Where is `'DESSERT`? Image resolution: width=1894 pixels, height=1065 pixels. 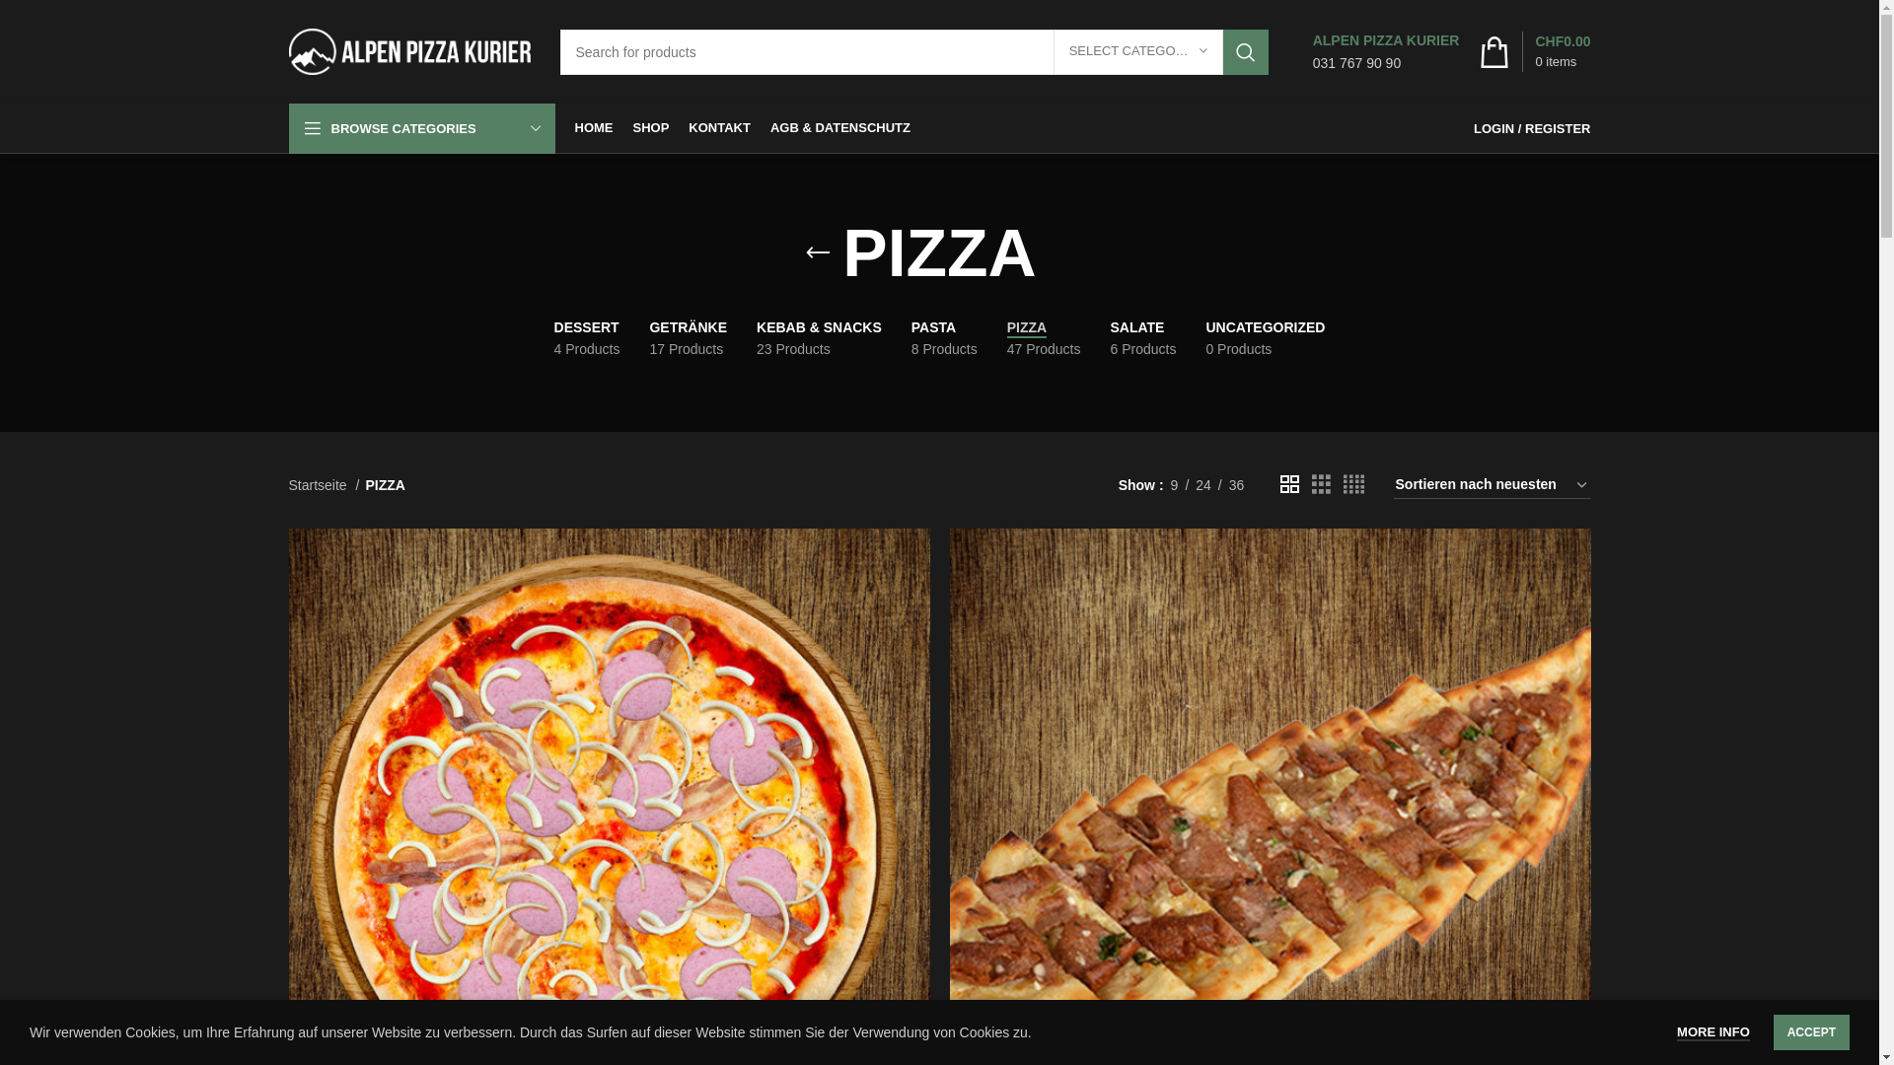 'DESSERT is located at coordinates (586, 337).